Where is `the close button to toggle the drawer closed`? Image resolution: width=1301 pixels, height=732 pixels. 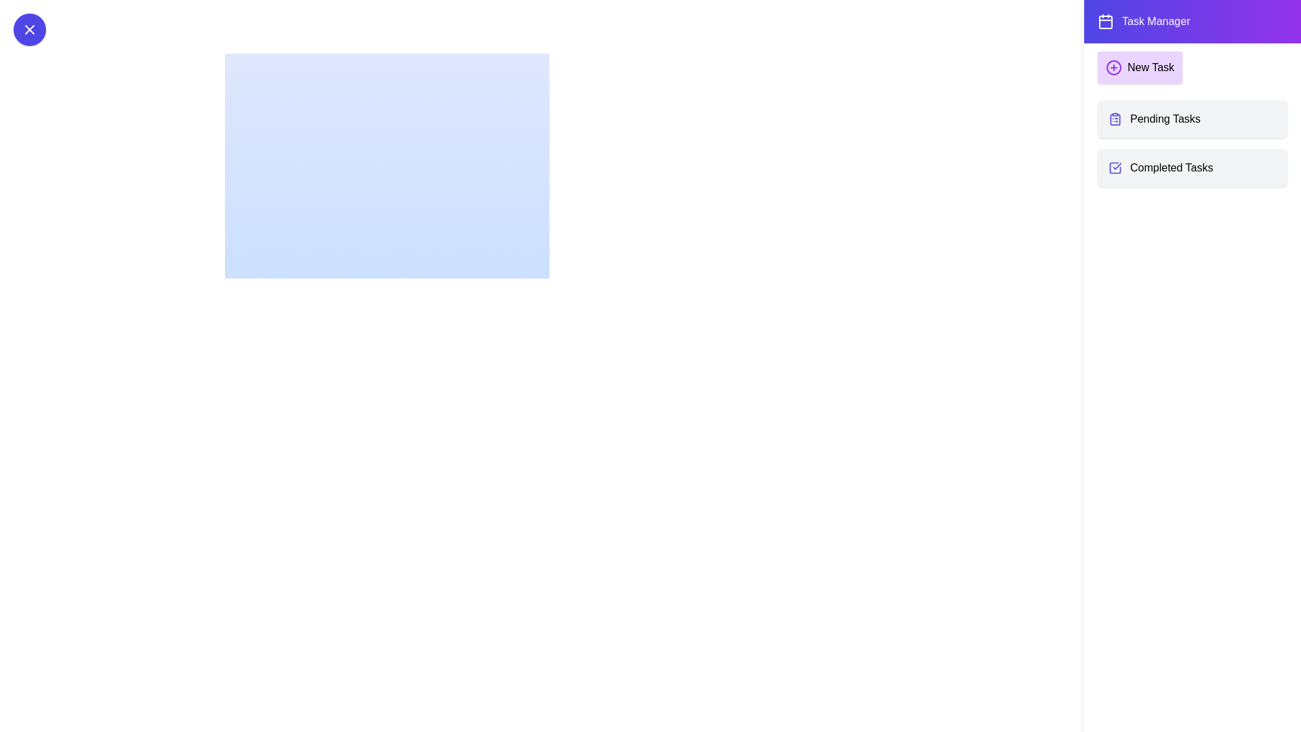 the close button to toggle the drawer closed is located at coordinates (29, 29).